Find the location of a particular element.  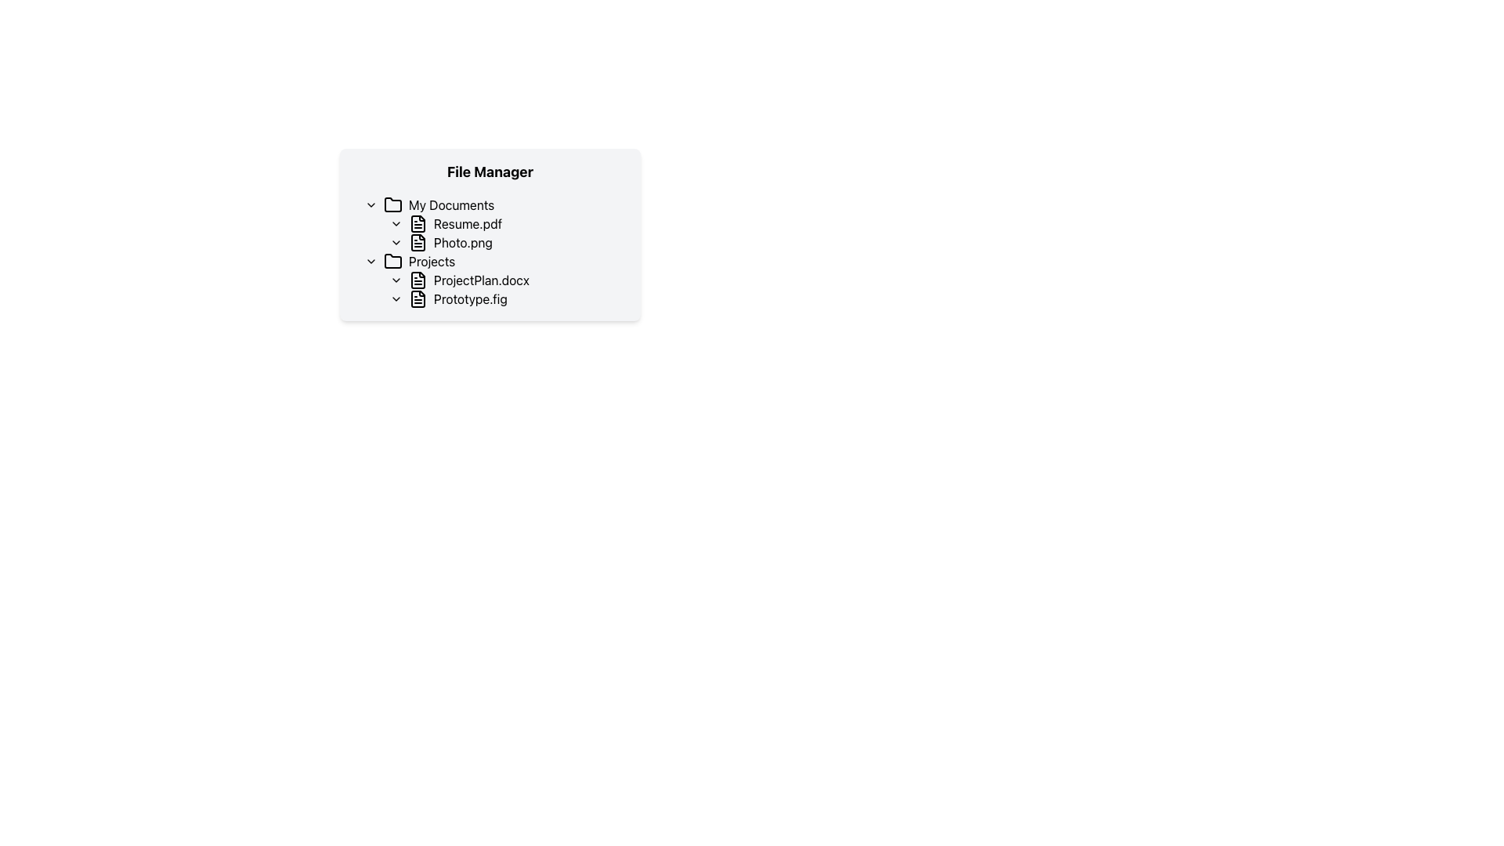

the folder icon located to the left of the text 'Projects' in the file manager interface is located at coordinates (393, 261).